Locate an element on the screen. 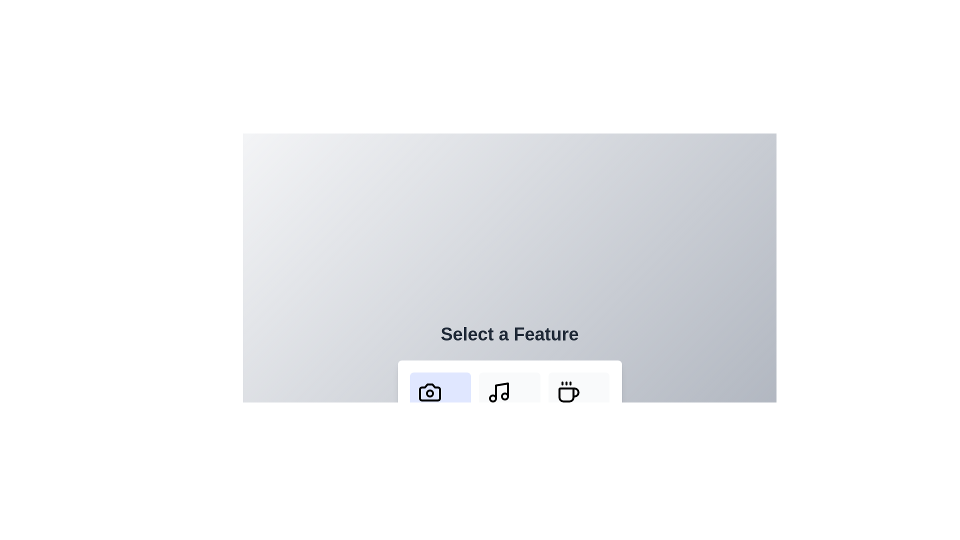 The width and height of the screenshot is (960, 540). the 'Music' icon located in the middle of a row of three icons is located at coordinates (499, 392).